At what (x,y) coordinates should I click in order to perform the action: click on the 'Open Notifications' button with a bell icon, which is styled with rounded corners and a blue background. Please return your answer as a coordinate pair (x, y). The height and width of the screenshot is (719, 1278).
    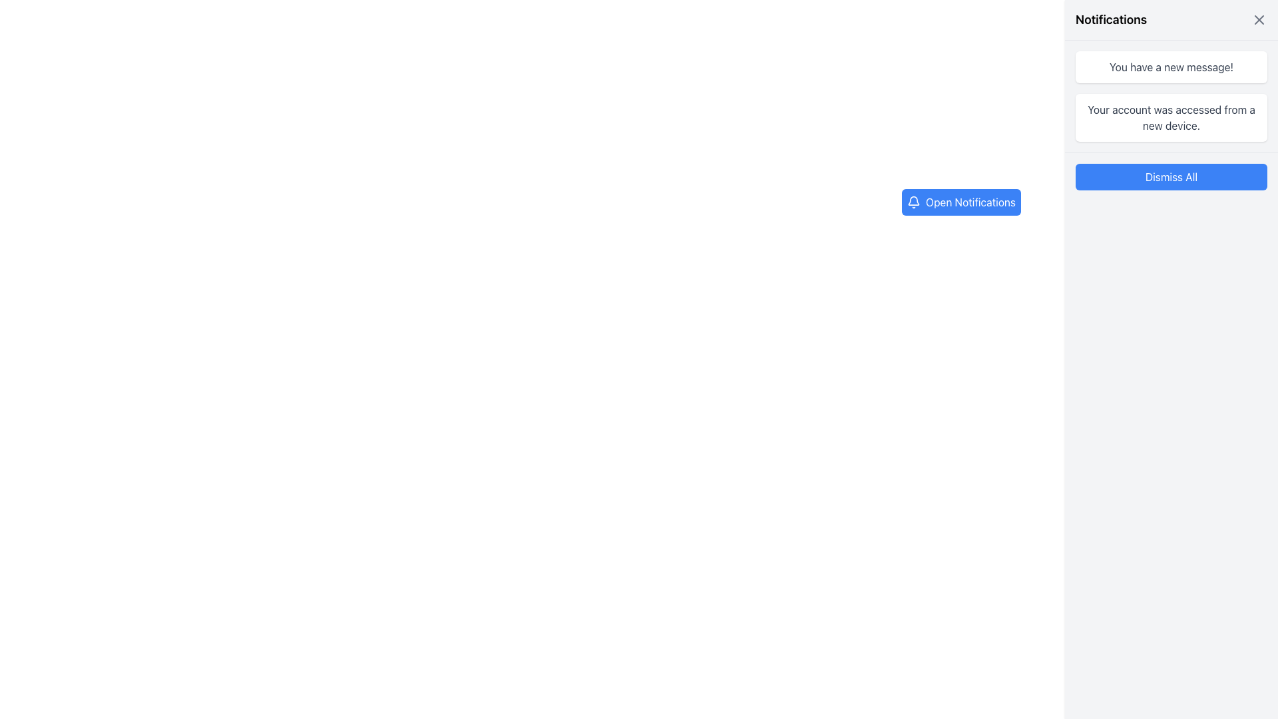
    Looking at the image, I should click on (961, 202).